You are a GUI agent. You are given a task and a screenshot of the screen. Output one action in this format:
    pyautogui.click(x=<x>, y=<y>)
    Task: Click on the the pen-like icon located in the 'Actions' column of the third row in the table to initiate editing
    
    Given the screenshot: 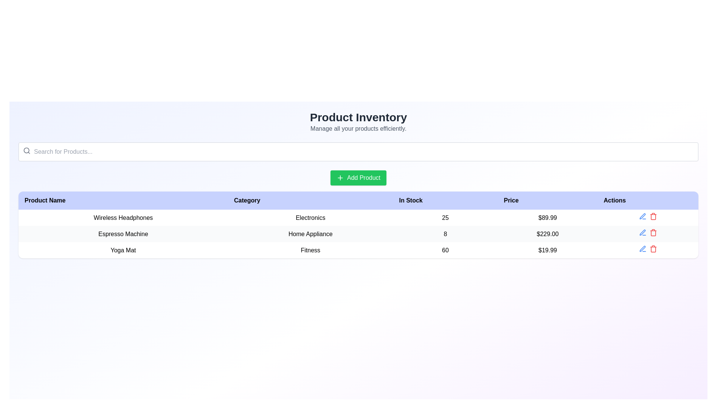 What is the action you would take?
    pyautogui.click(x=642, y=249)
    